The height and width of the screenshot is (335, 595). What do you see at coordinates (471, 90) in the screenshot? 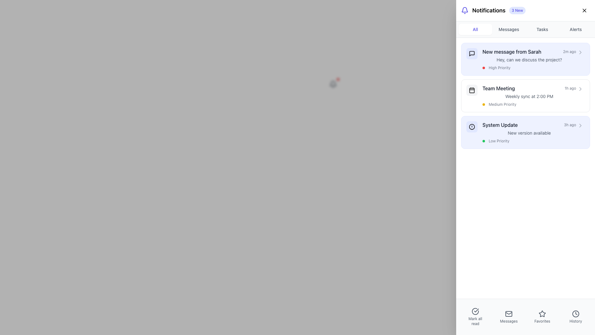
I see `the calendar icon` at bounding box center [471, 90].